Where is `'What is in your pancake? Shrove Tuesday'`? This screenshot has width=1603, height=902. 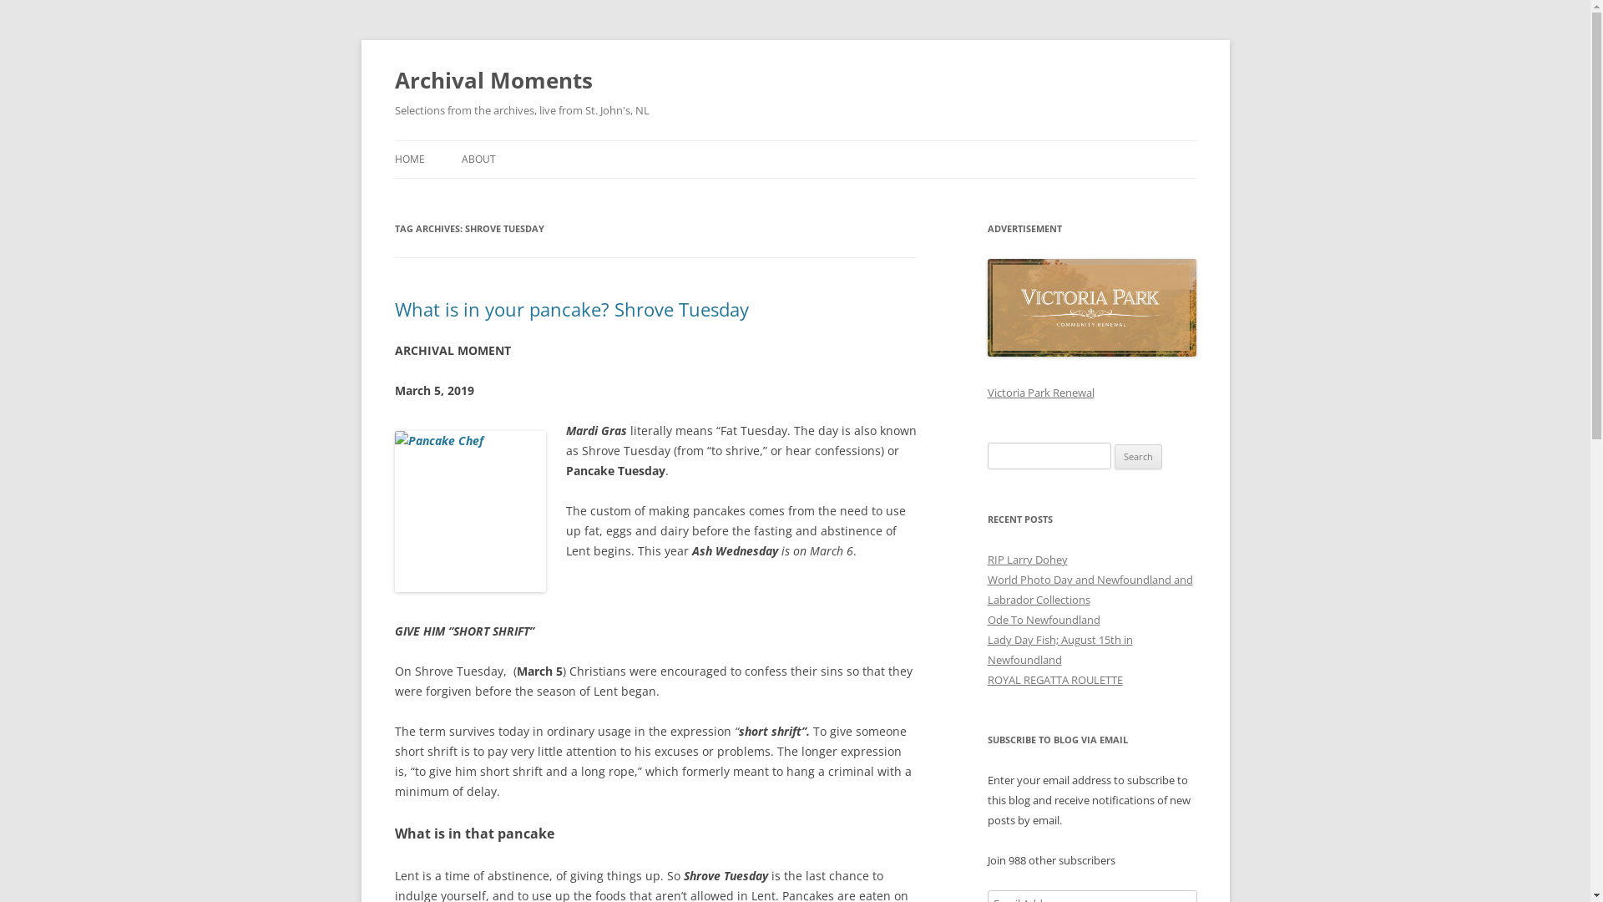
'What is in your pancake? Shrove Tuesday' is located at coordinates (571, 309).